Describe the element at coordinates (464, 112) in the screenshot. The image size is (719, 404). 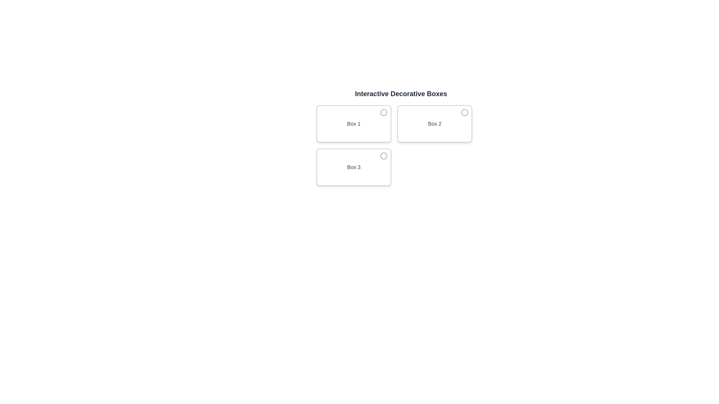
I see `the circular icon rendered as an SVG graphic located at the top-right corner of 'Box 2'` at that location.